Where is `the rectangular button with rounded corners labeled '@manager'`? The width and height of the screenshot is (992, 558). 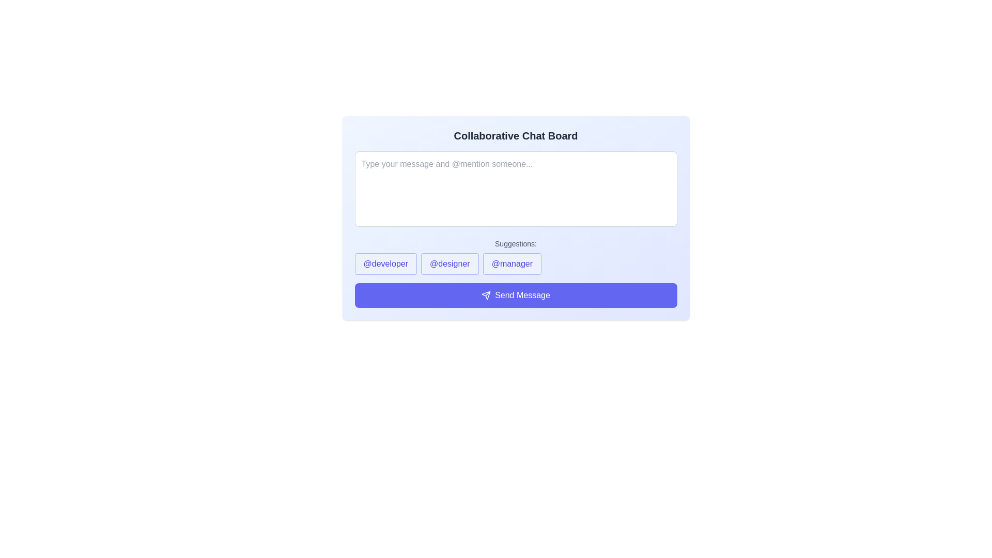 the rectangular button with rounded corners labeled '@manager' is located at coordinates (512, 263).